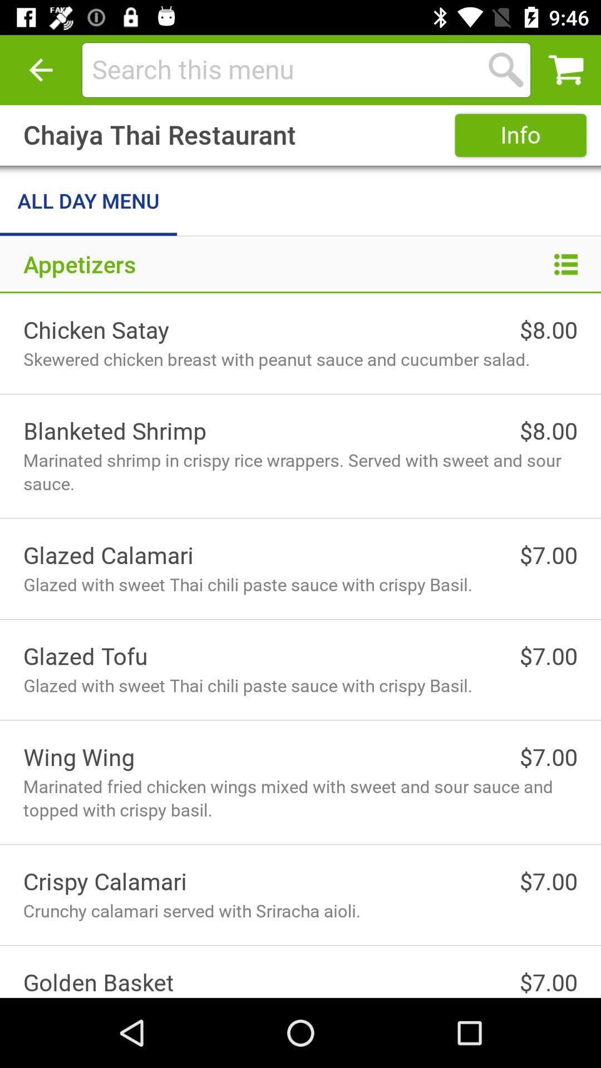 The width and height of the screenshot is (601, 1068). I want to click on search icon, so click(506, 69).